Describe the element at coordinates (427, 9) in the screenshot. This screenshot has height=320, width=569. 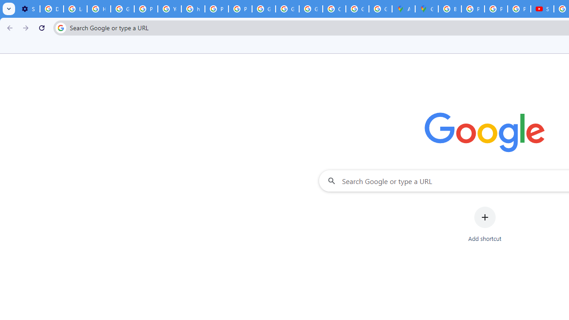
I see `'Google Maps'` at that location.